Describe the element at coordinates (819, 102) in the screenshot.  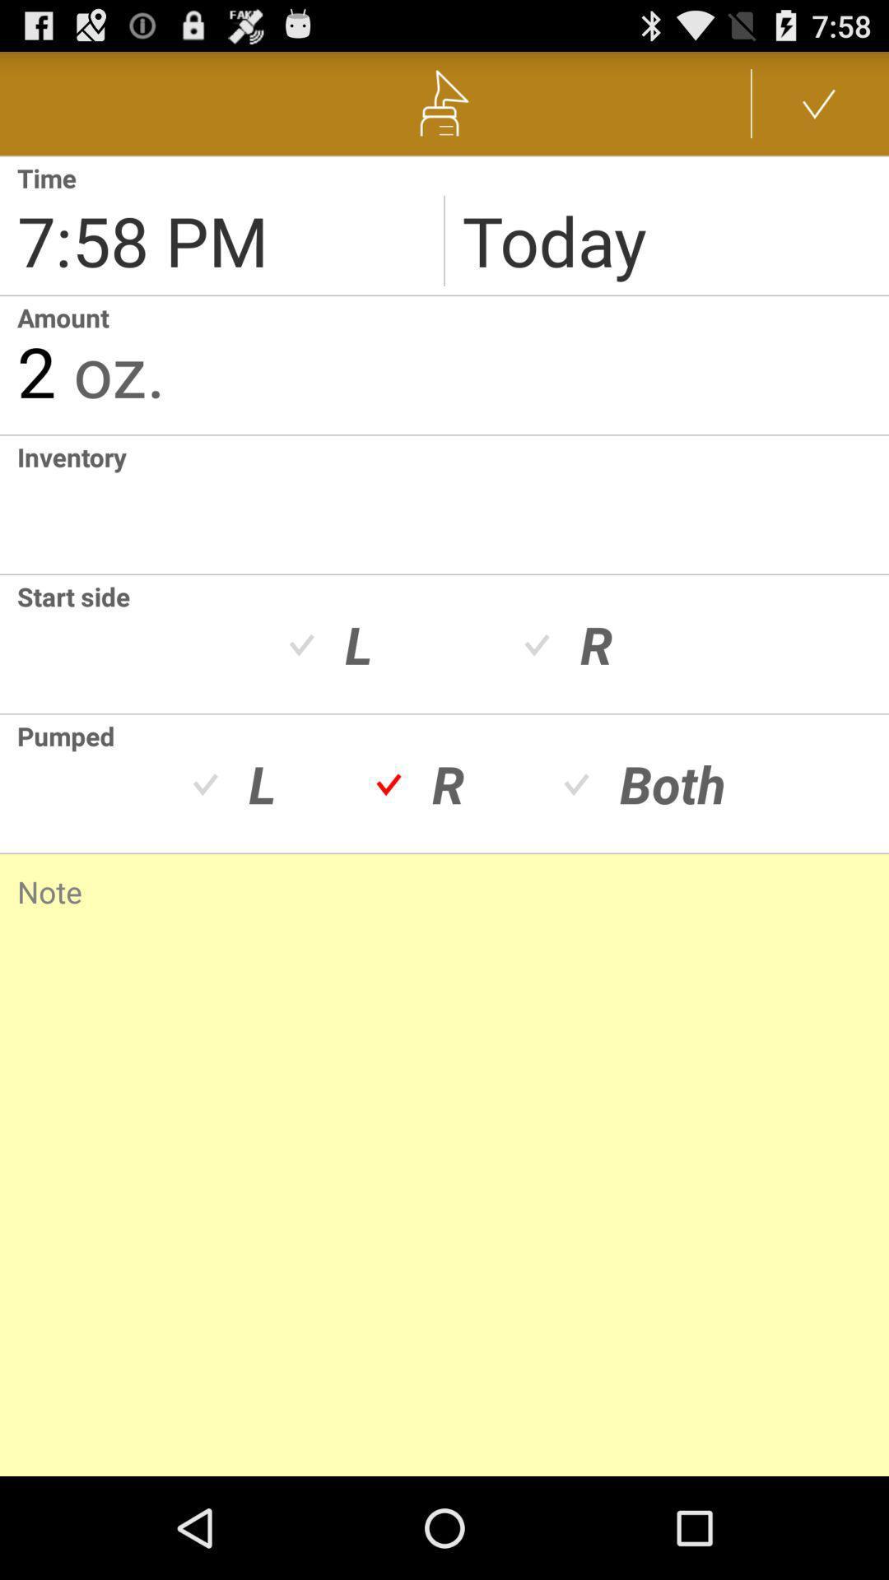
I see `mark as done` at that location.